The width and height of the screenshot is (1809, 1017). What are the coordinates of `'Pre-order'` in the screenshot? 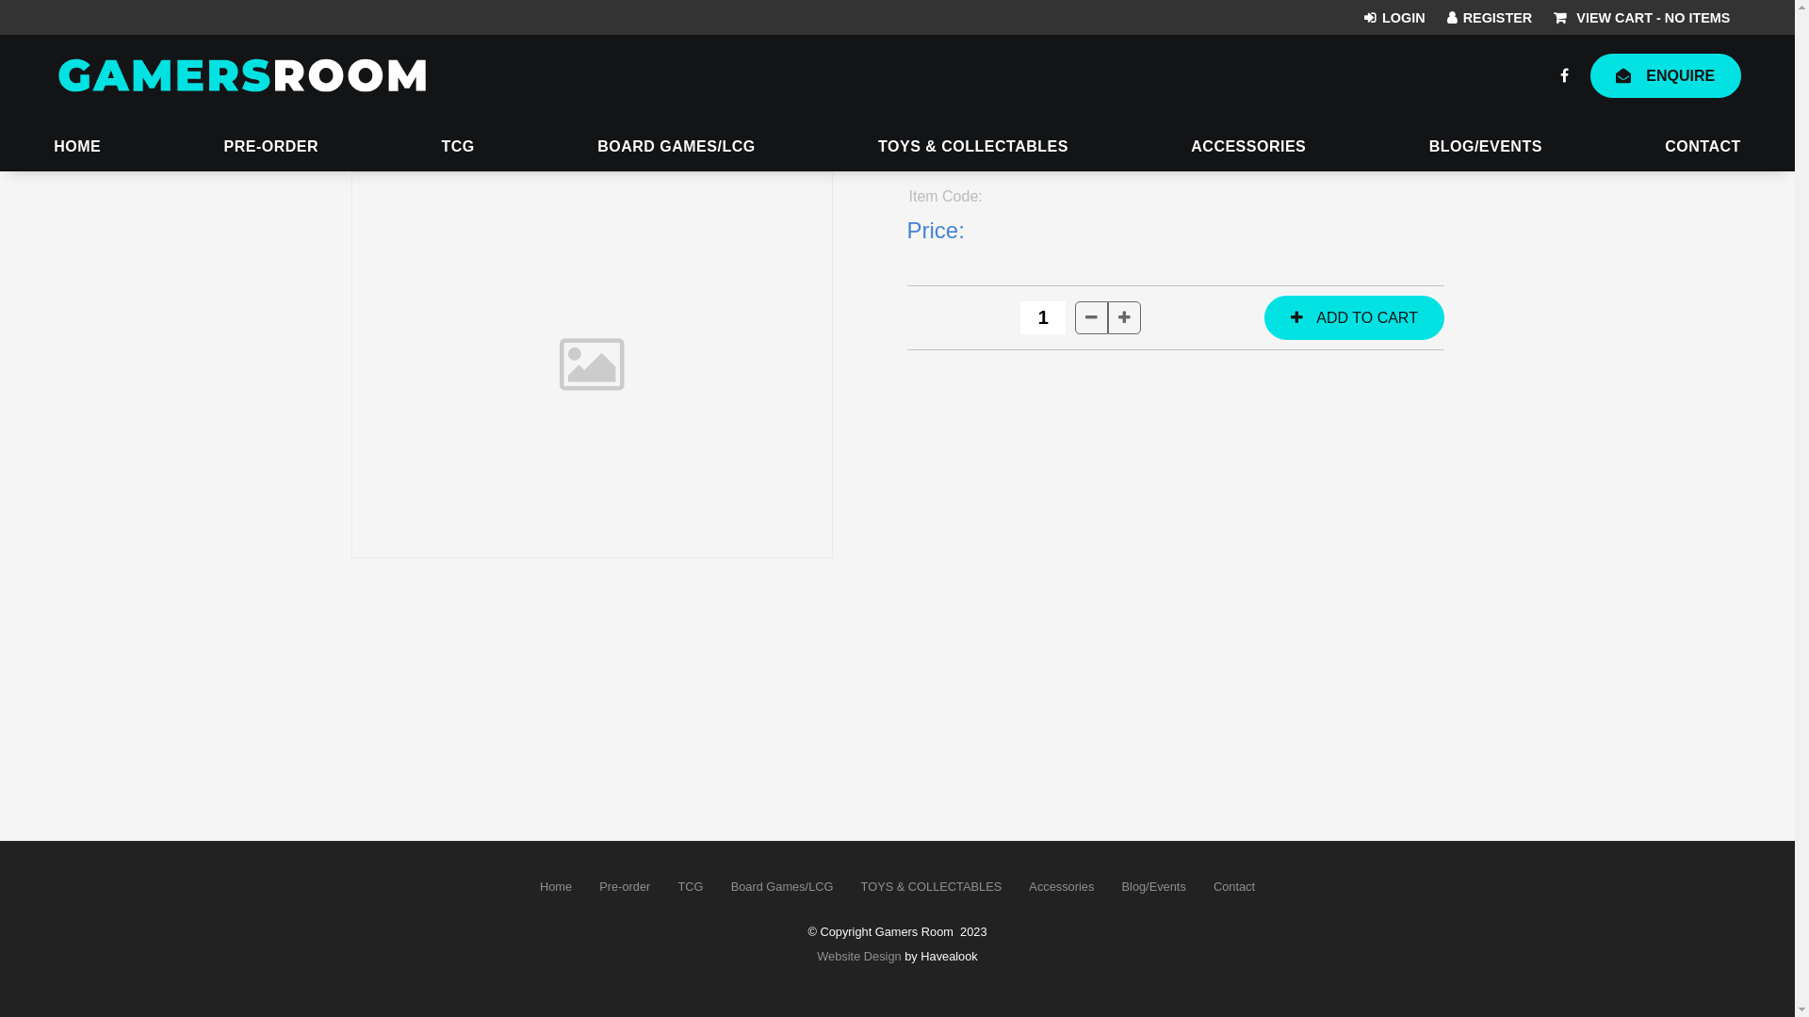 It's located at (586, 886).